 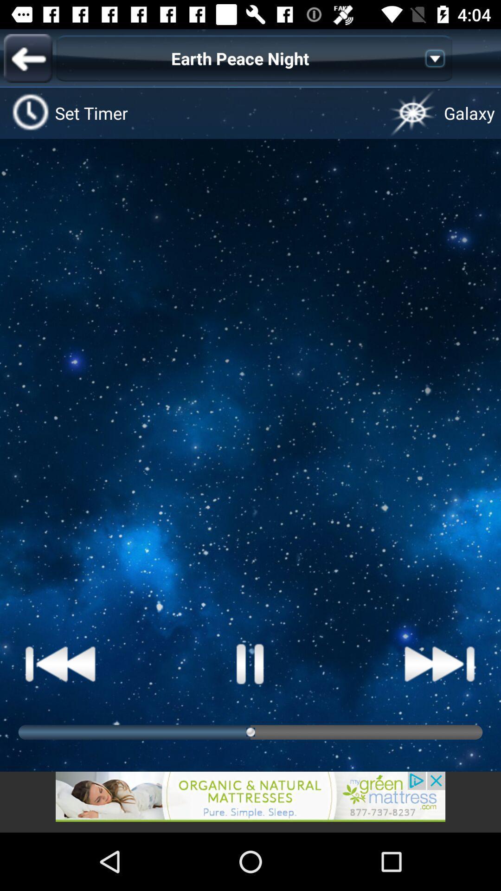 What do you see at coordinates (439, 663) in the screenshot?
I see `next` at bounding box center [439, 663].